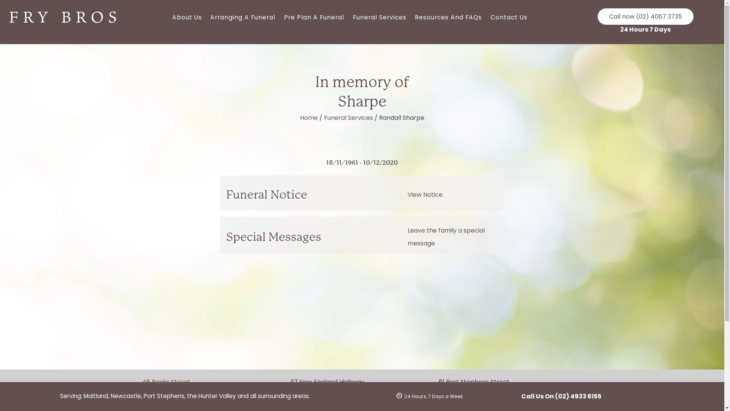  Describe the element at coordinates (178, 387) in the screenshot. I see `'48 Banks Street` at that location.